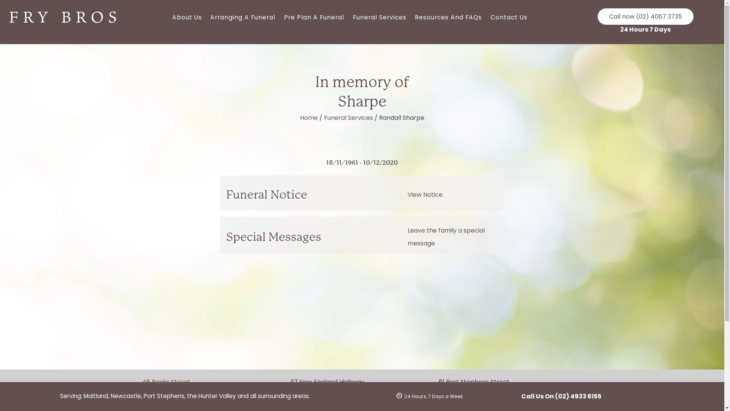  Describe the element at coordinates (178, 387) in the screenshot. I see `'48 Banks Street` at that location.